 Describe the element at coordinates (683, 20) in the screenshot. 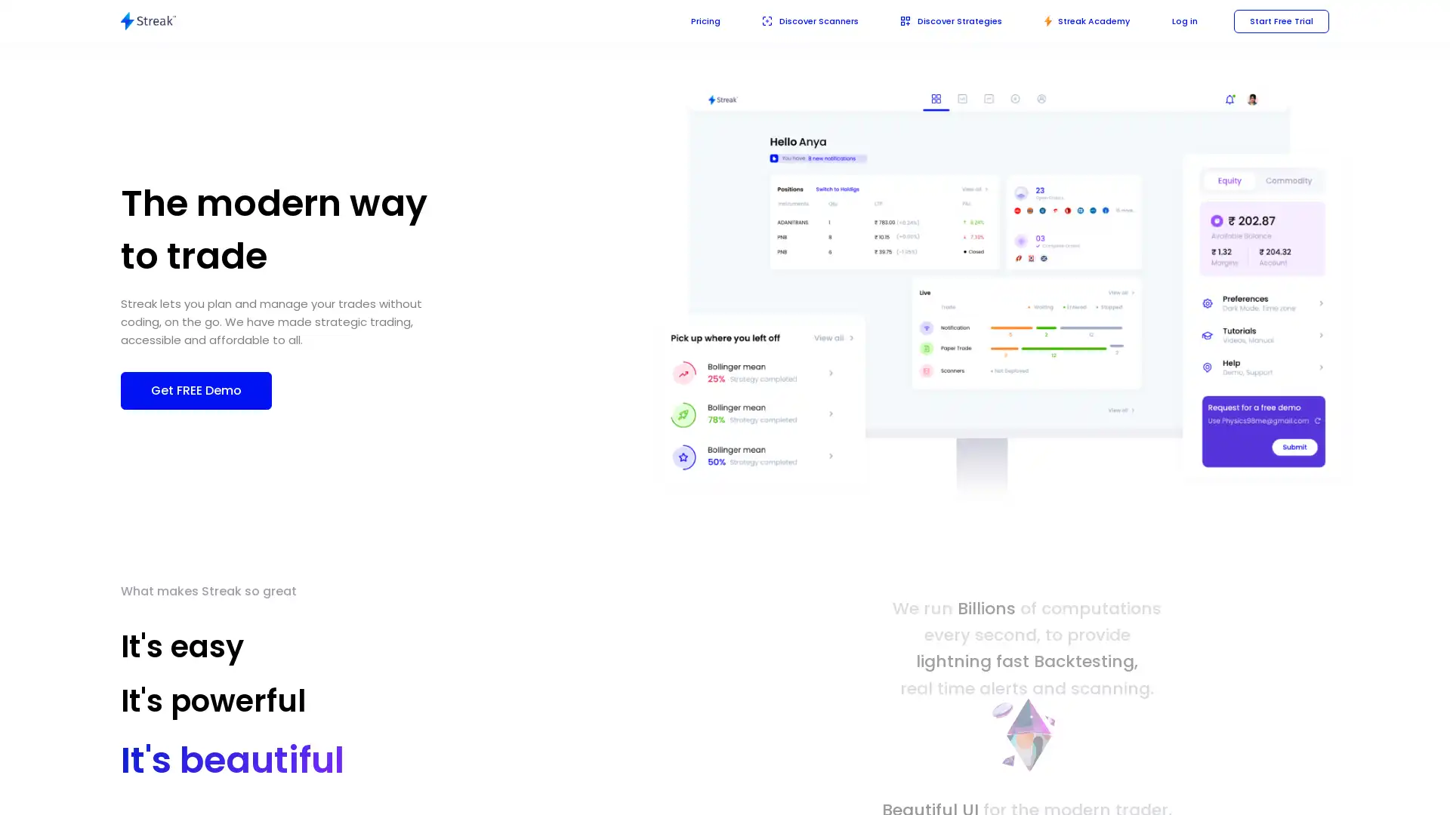

I see `Pricing` at that location.